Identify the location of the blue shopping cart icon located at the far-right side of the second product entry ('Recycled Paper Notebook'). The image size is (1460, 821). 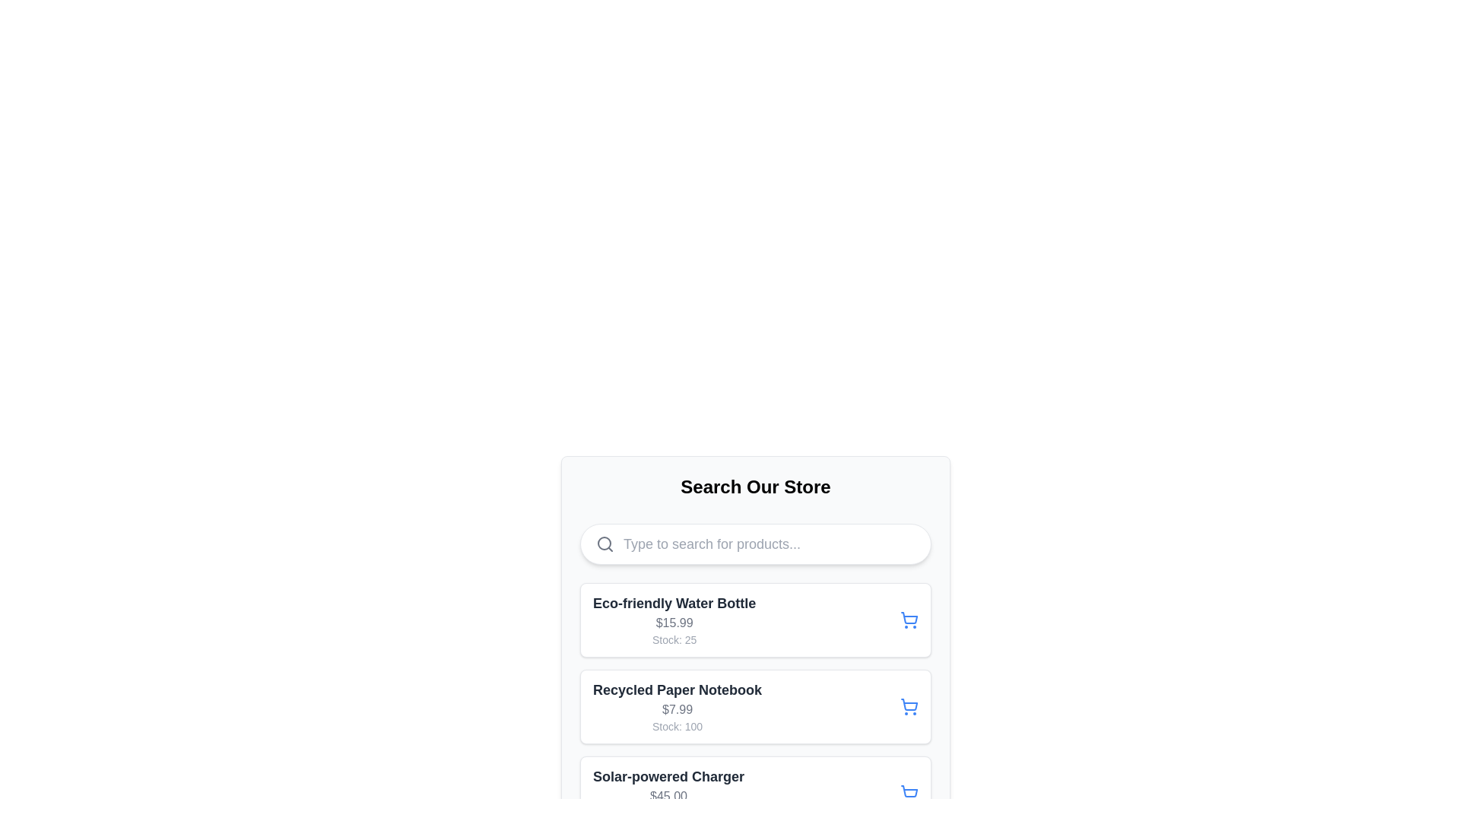
(909, 706).